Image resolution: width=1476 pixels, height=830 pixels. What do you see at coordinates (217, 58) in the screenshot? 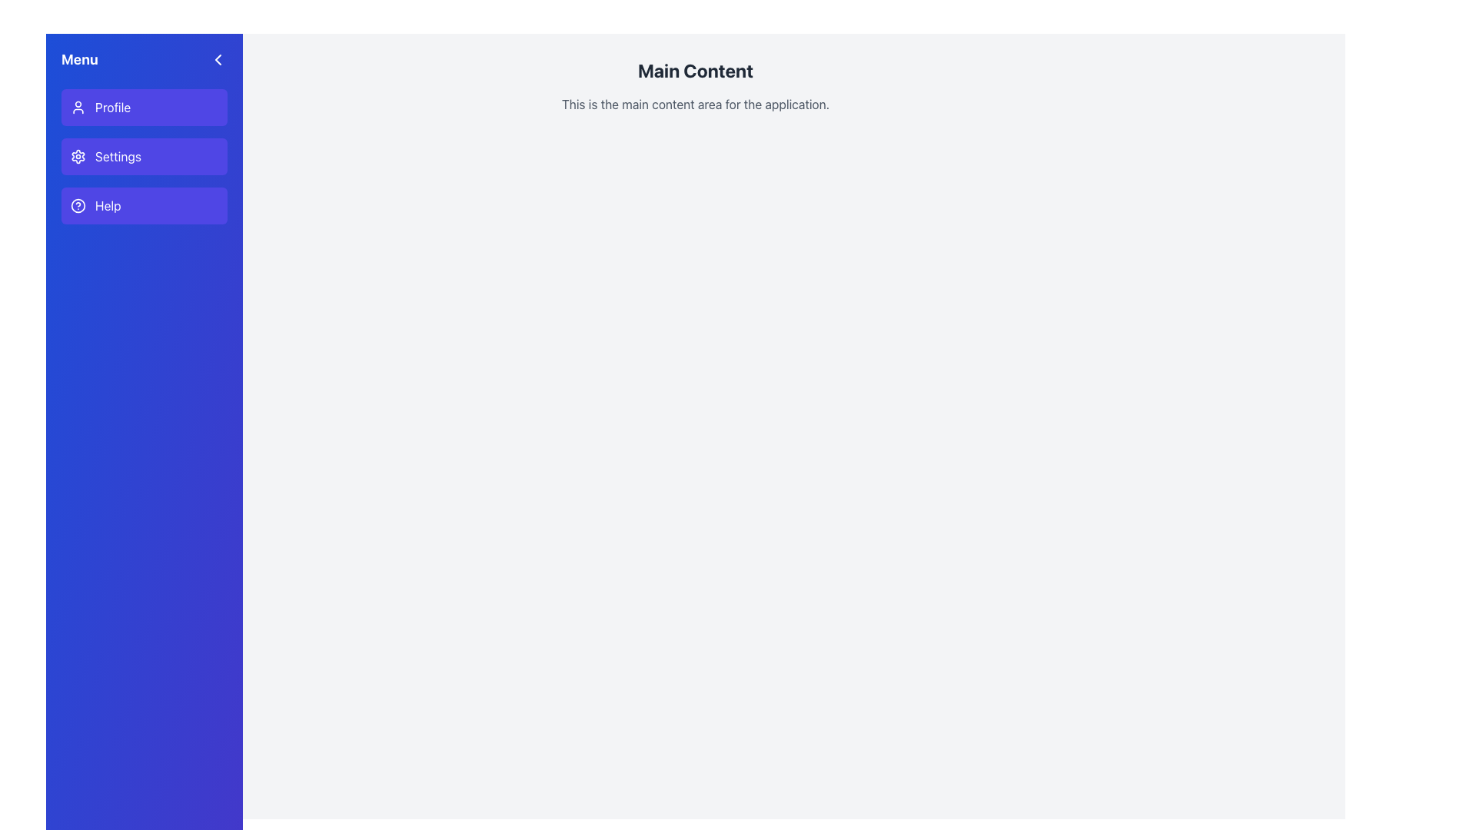
I see `the chevron SVG icon located in the top-right corner of the blue 'Menu' section` at bounding box center [217, 58].